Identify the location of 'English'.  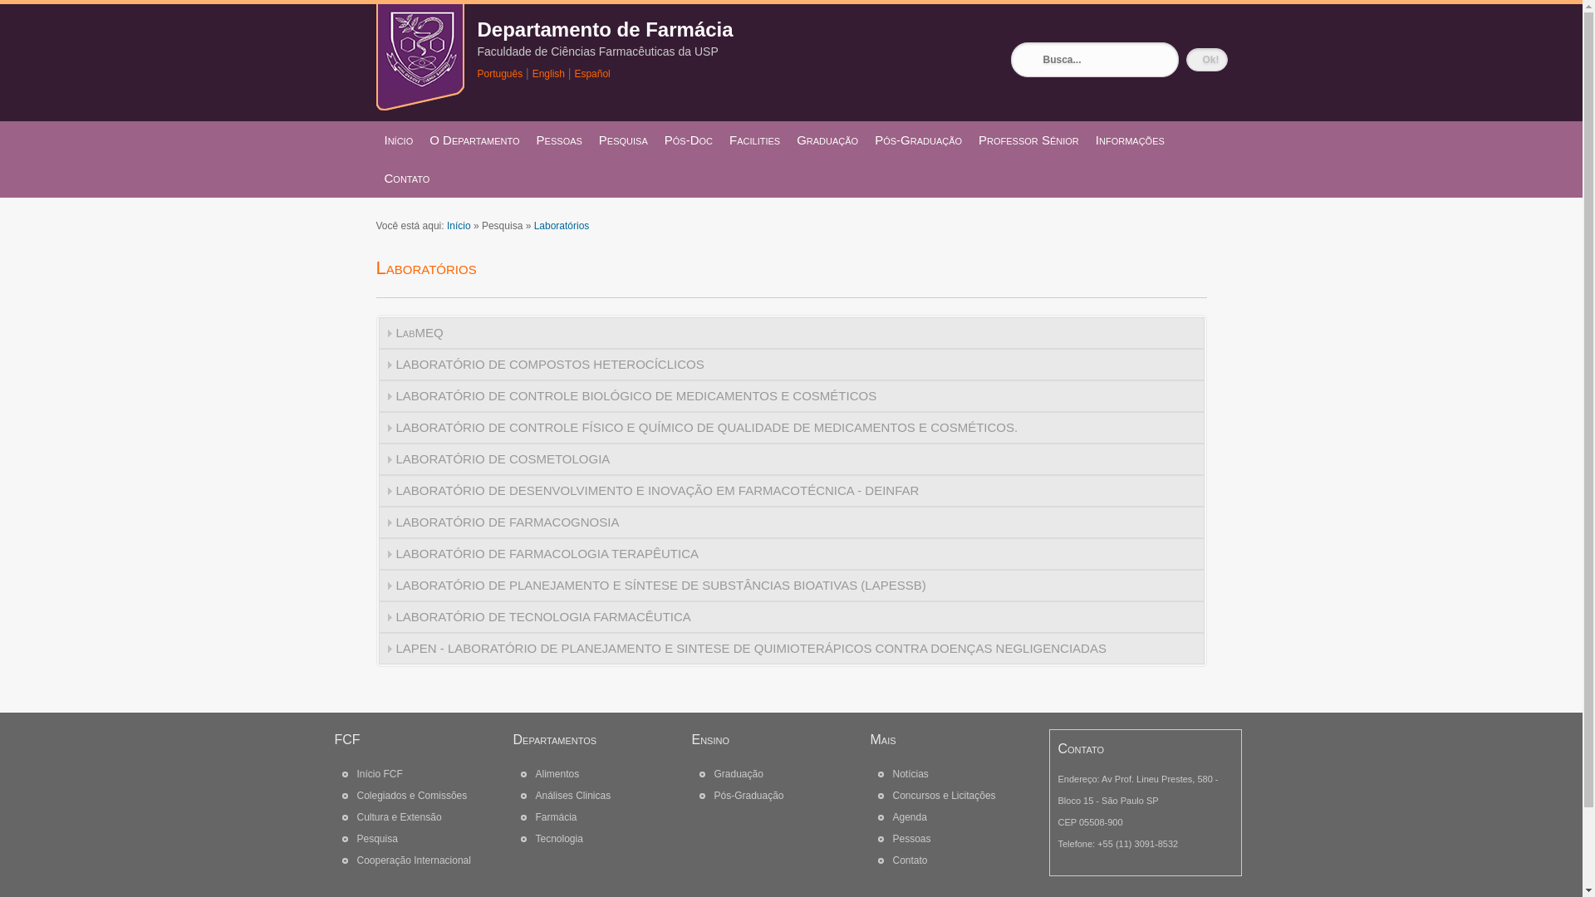
(548, 72).